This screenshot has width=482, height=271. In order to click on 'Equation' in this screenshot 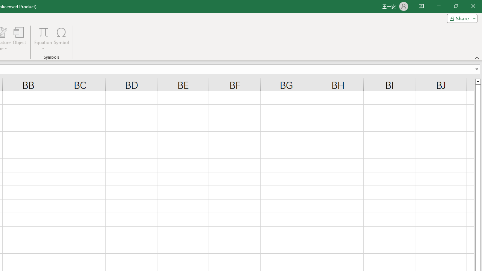, I will do `click(43, 32)`.